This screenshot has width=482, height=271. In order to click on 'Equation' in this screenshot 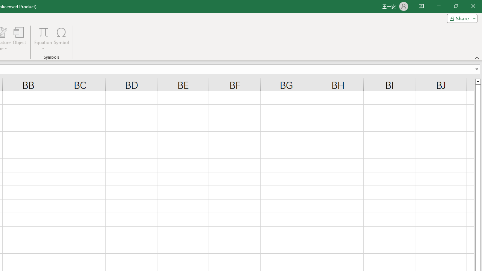, I will do `click(43, 32)`.